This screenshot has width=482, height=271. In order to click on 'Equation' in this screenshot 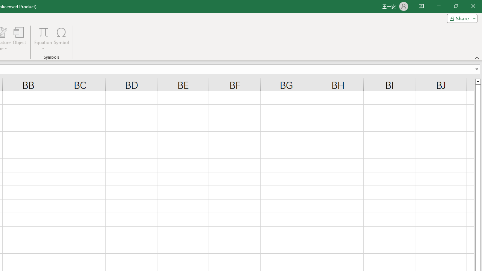, I will do `click(43, 32)`.